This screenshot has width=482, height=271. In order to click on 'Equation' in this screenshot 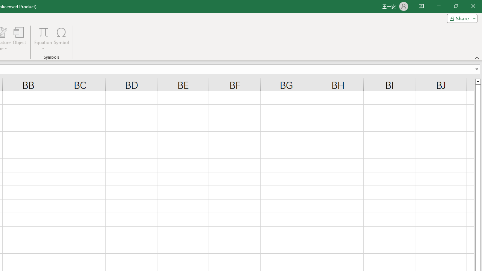, I will do `click(43, 32)`.